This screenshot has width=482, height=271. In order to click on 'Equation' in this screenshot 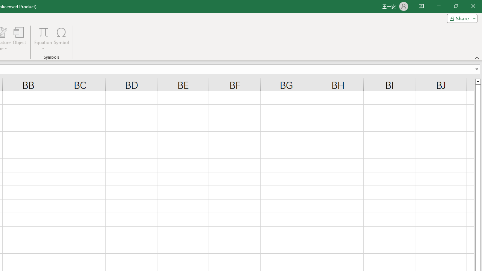, I will do `click(43, 32)`.